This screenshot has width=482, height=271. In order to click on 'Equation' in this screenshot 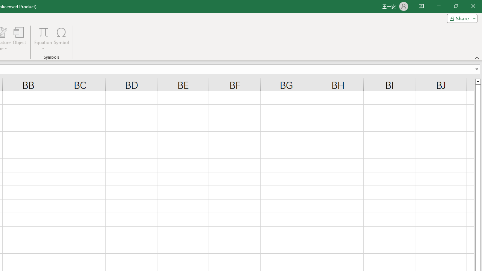, I will do `click(43, 32)`.